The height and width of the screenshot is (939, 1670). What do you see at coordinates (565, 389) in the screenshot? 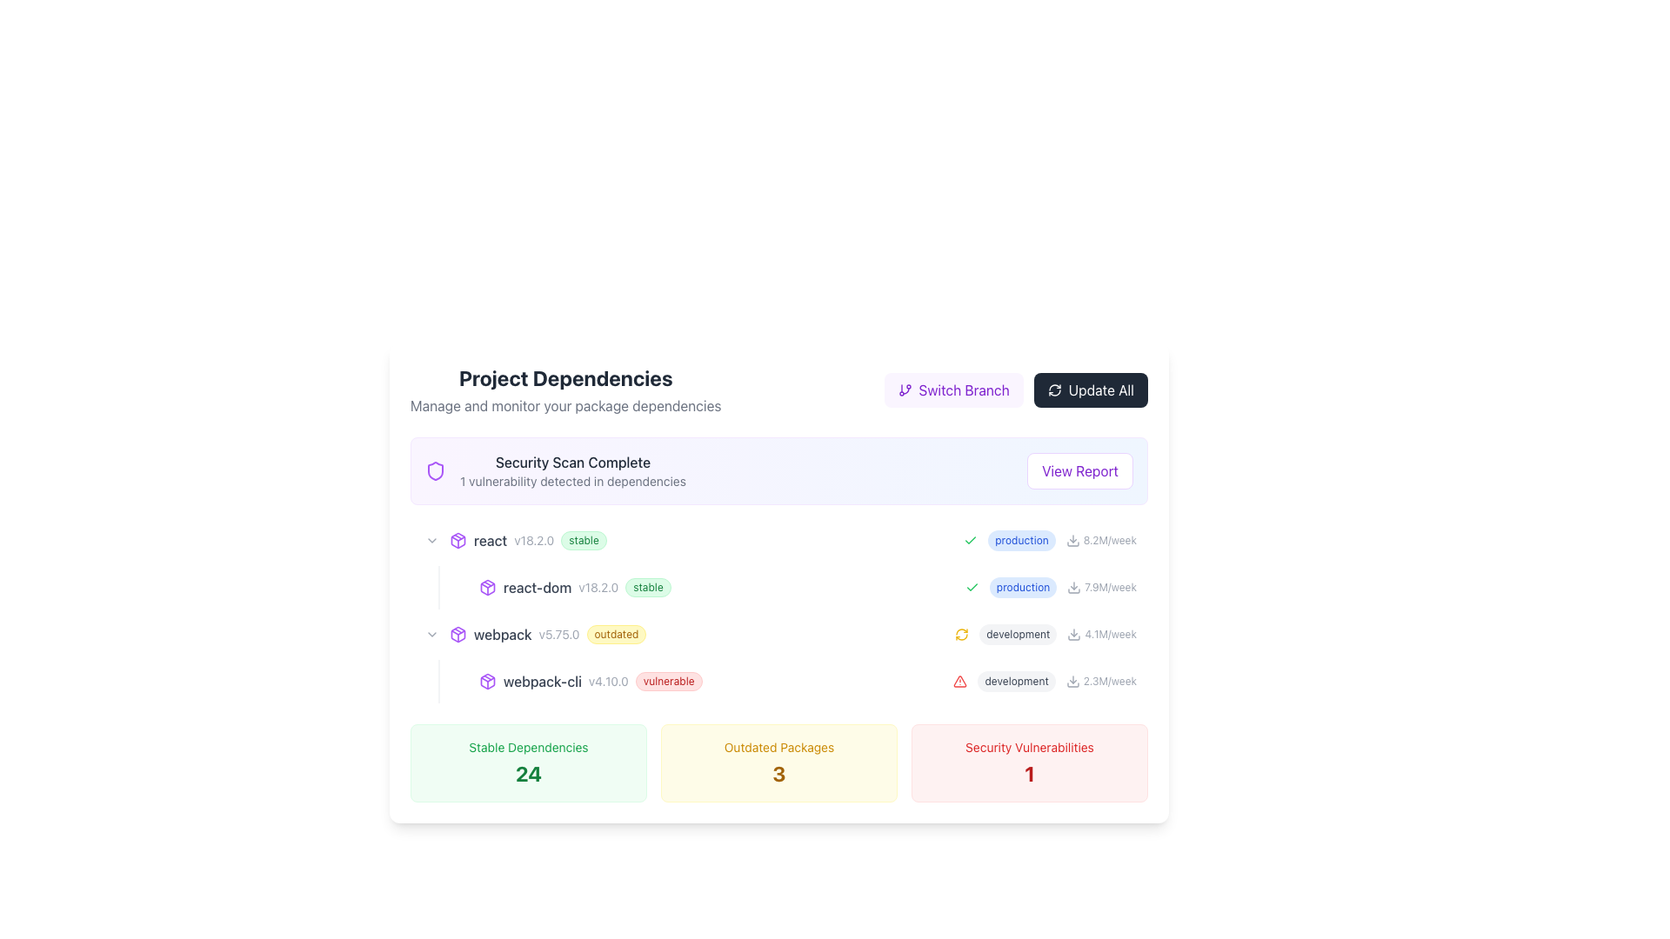
I see `the 'Project Dependencies' heading and its subtext, which is styled in bold and light gray, located in the top-left section of the interface` at bounding box center [565, 389].